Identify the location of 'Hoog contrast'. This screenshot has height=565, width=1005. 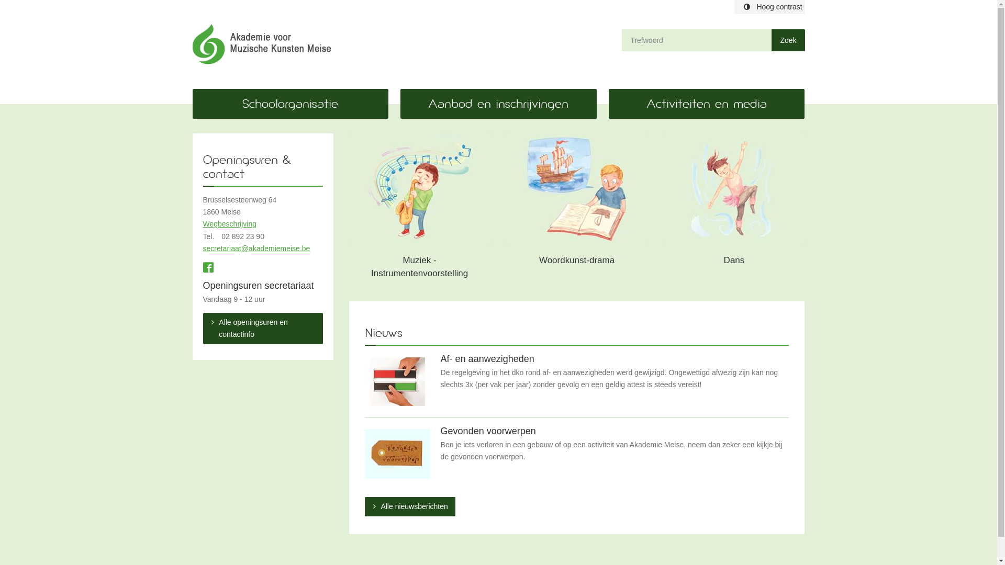
(769, 7).